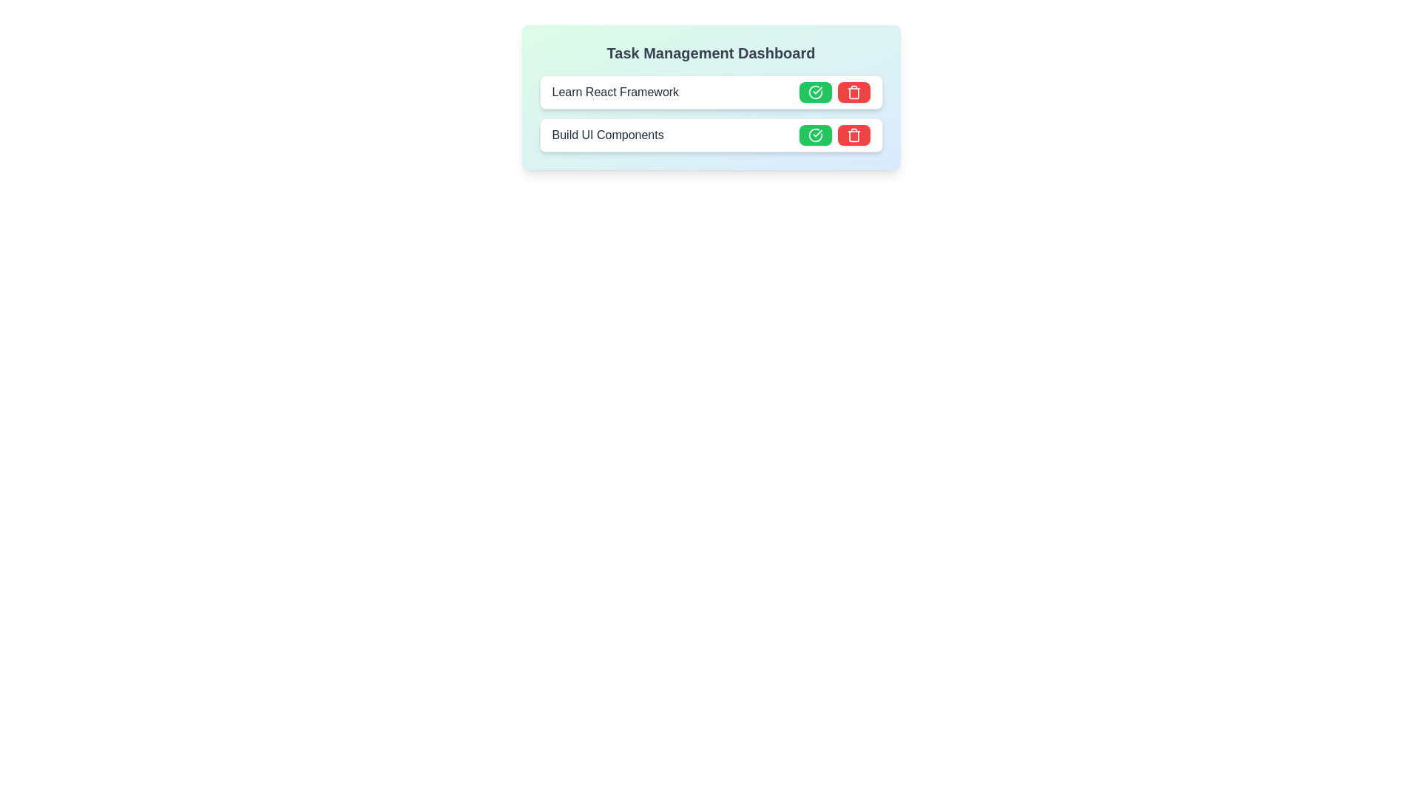 The width and height of the screenshot is (1420, 799). Describe the element at coordinates (814, 135) in the screenshot. I see `the success indicator icon located in the second row of the task management dashboard, adjacent to the text 'Build UI Components', to mark the task as done` at that location.